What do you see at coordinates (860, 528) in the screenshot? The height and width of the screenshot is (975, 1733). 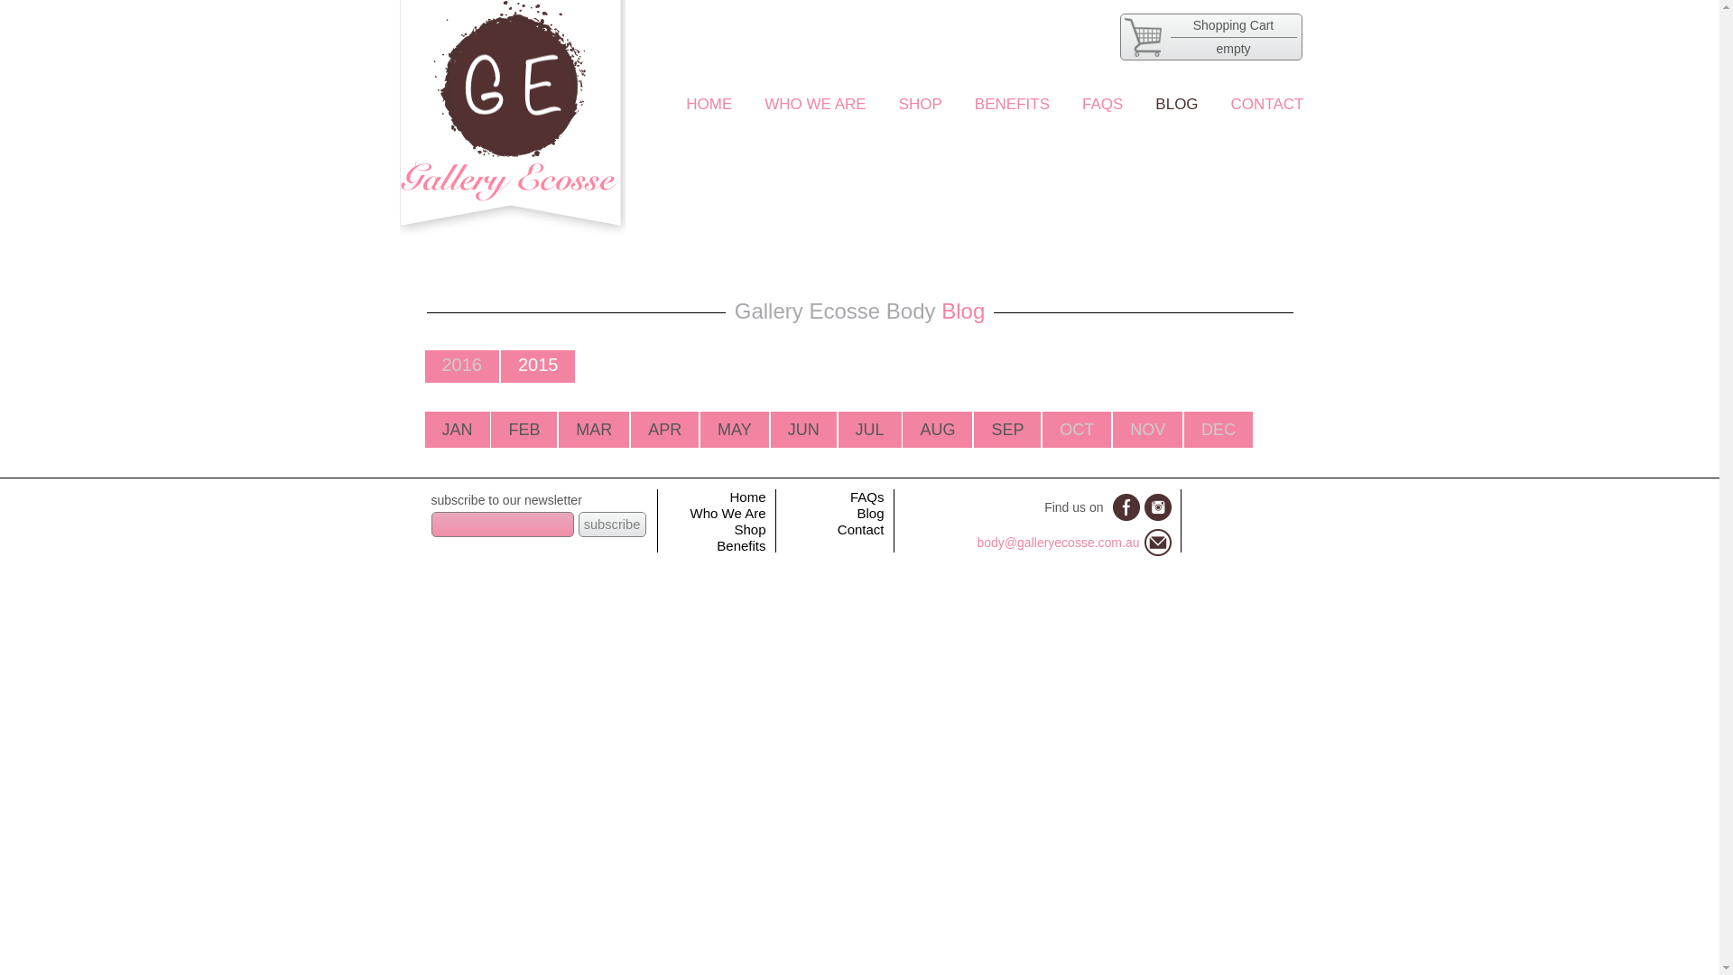 I see `'Contact'` at bounding box center [860, 528].